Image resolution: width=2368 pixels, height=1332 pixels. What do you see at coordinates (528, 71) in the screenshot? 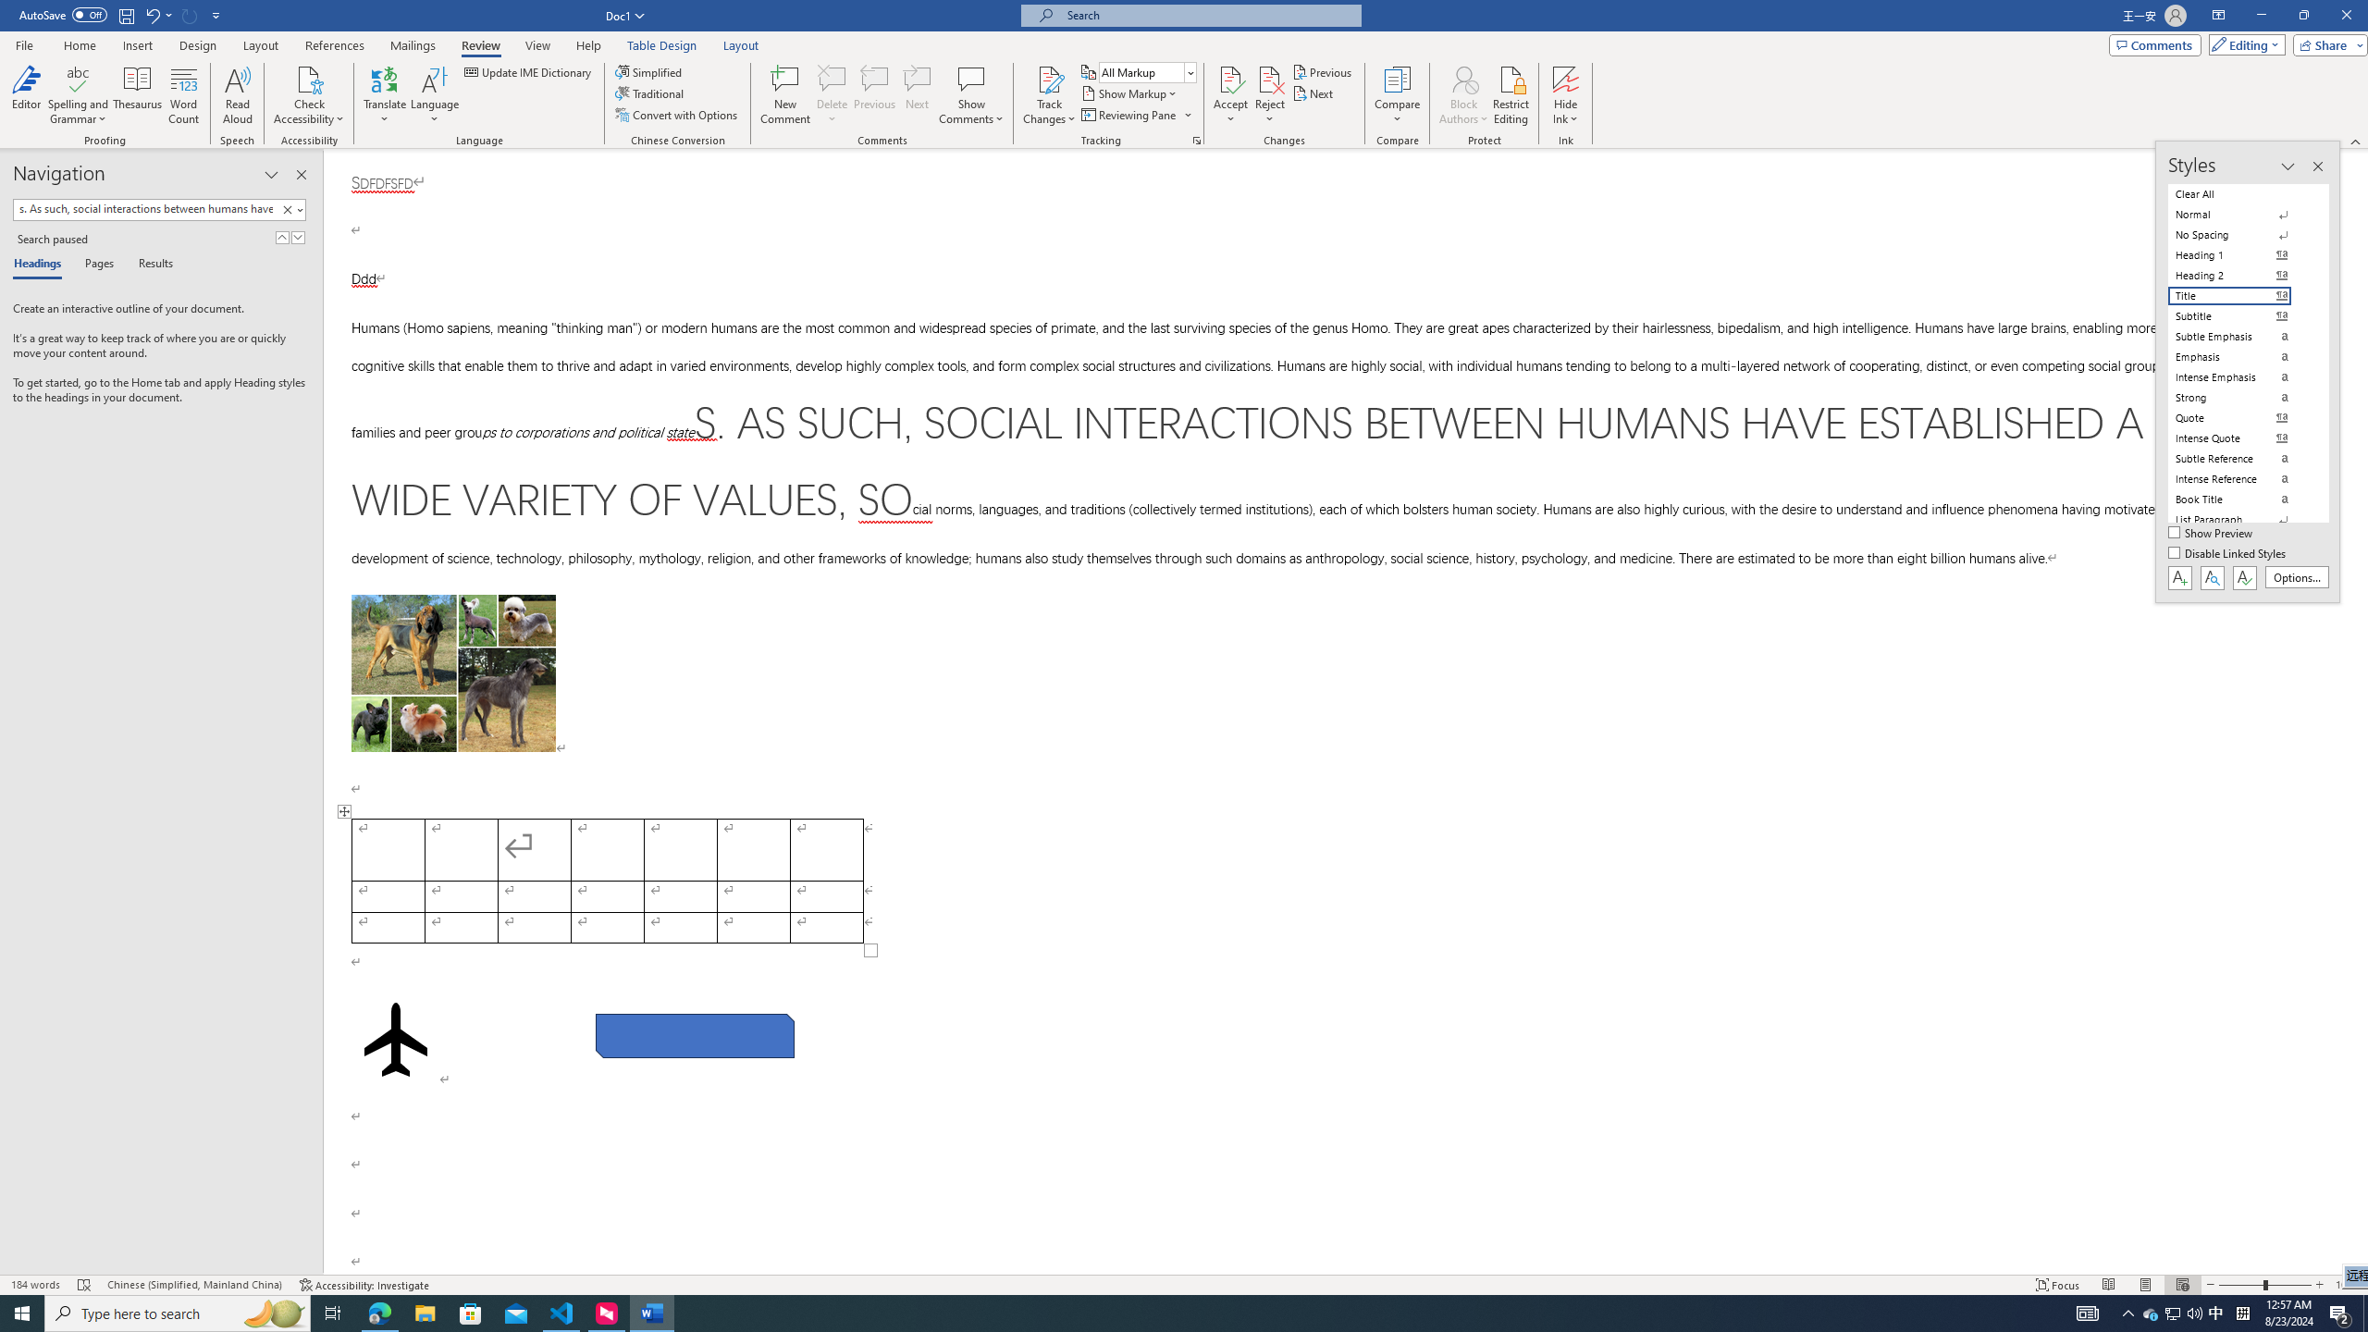
I see `'Update IME Dictionary...'` at bounding box center [528, 71].